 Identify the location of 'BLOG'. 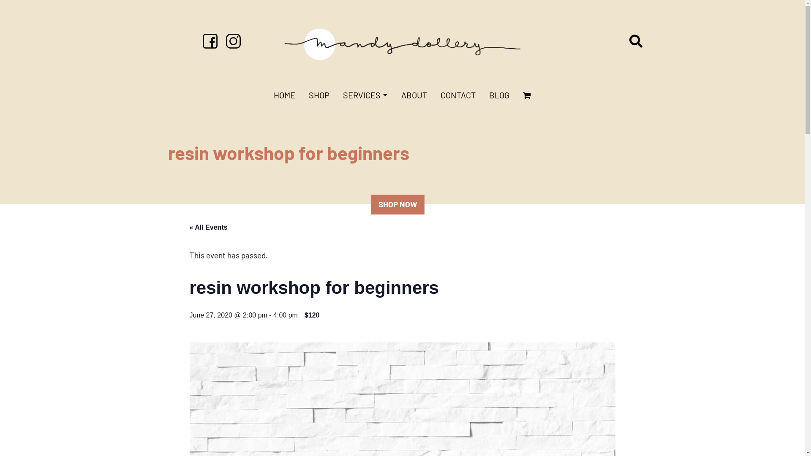
(499, 95).